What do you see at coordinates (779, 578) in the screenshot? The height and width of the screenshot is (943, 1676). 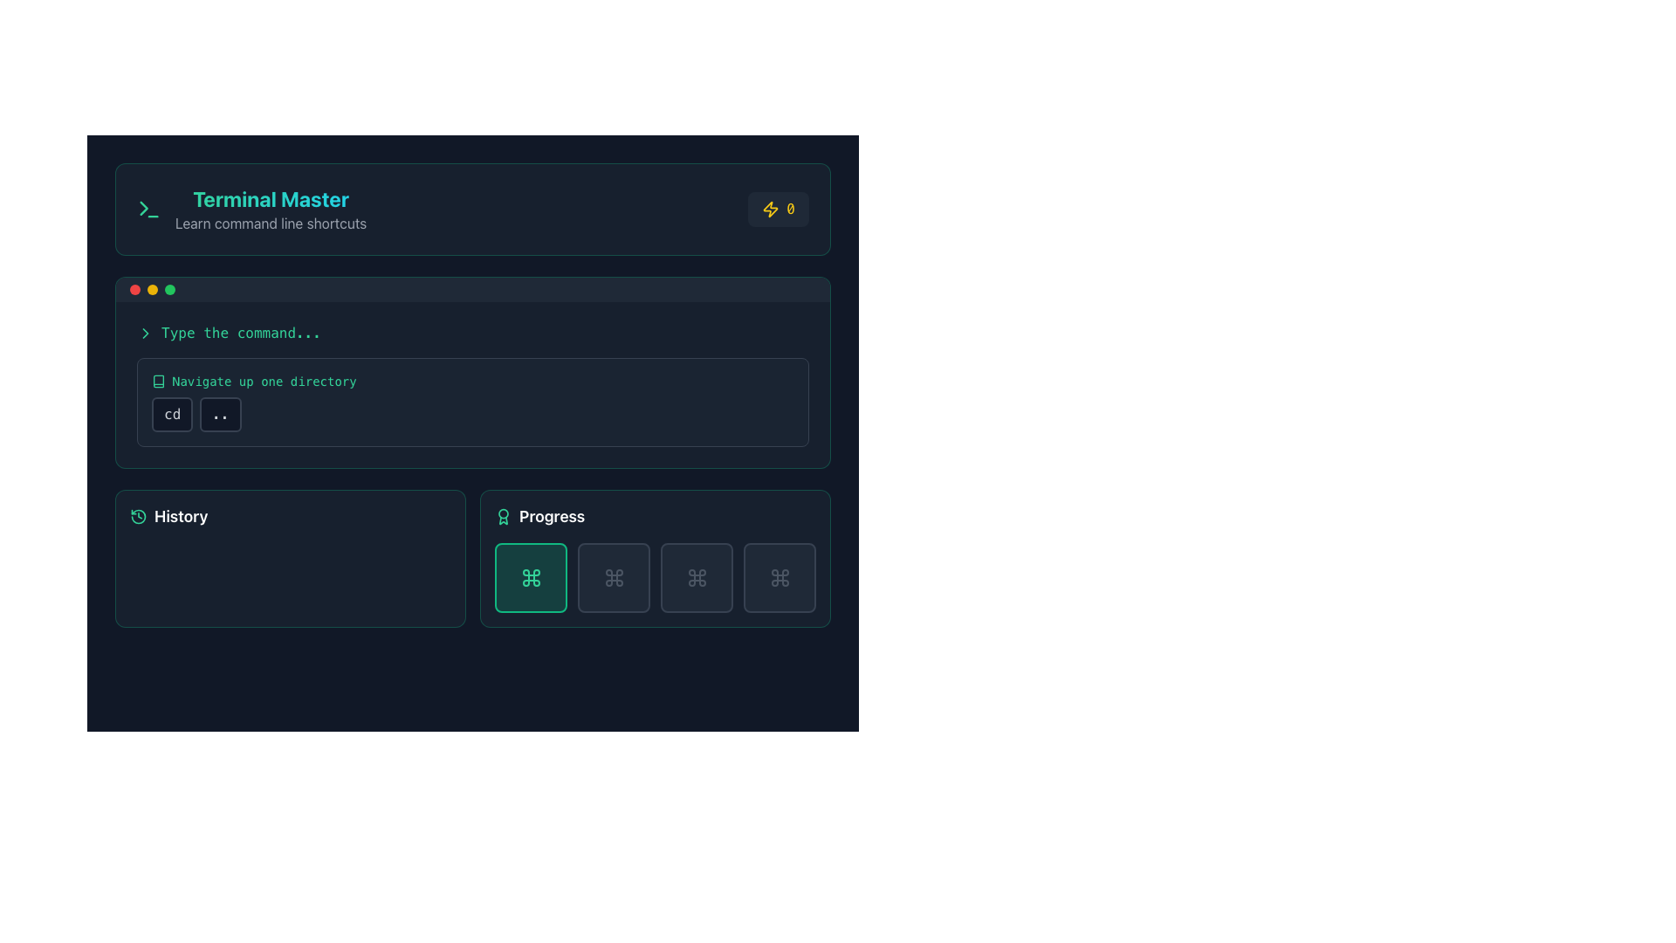 I see `the command key symbol icon, which is the fourth icon in the horizontally arranged group under the 'Progress' section in the lower-right quadrant of the dark-themed interface` at bounding box center [779, 578].